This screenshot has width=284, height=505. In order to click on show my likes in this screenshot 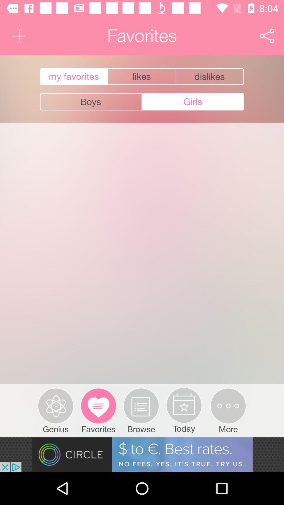, I will do `click(141, 76)`.